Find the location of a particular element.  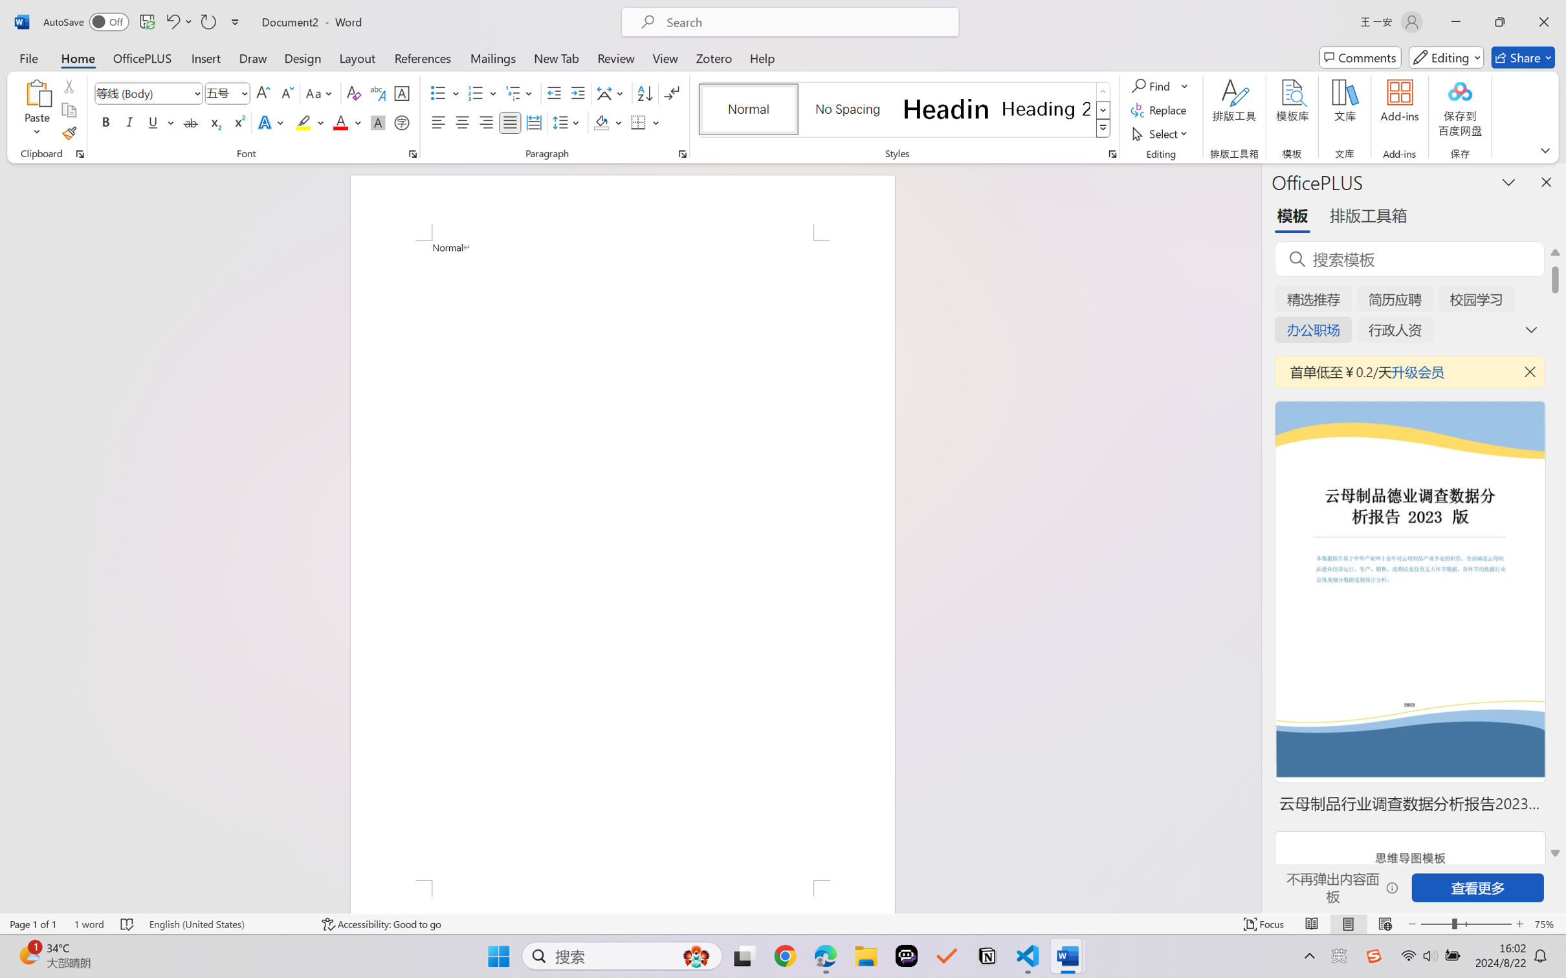

'New Tab' is located at coordinates (556, 57).